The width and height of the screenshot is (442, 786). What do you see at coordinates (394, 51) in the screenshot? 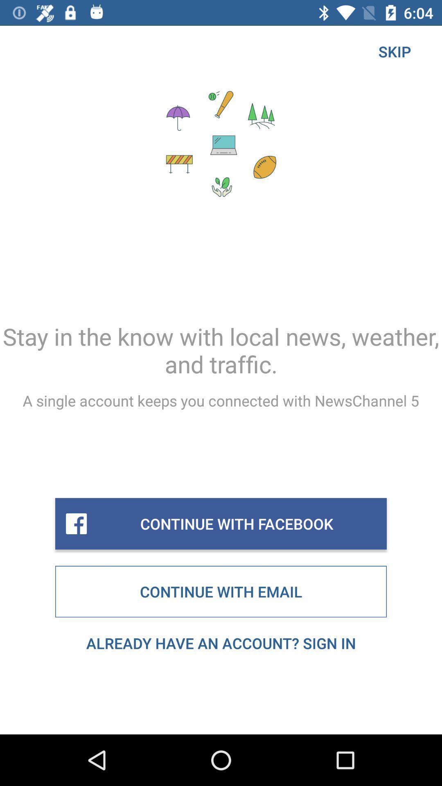
I see `the icon at the top right corner` at bounding box center [394, 51].